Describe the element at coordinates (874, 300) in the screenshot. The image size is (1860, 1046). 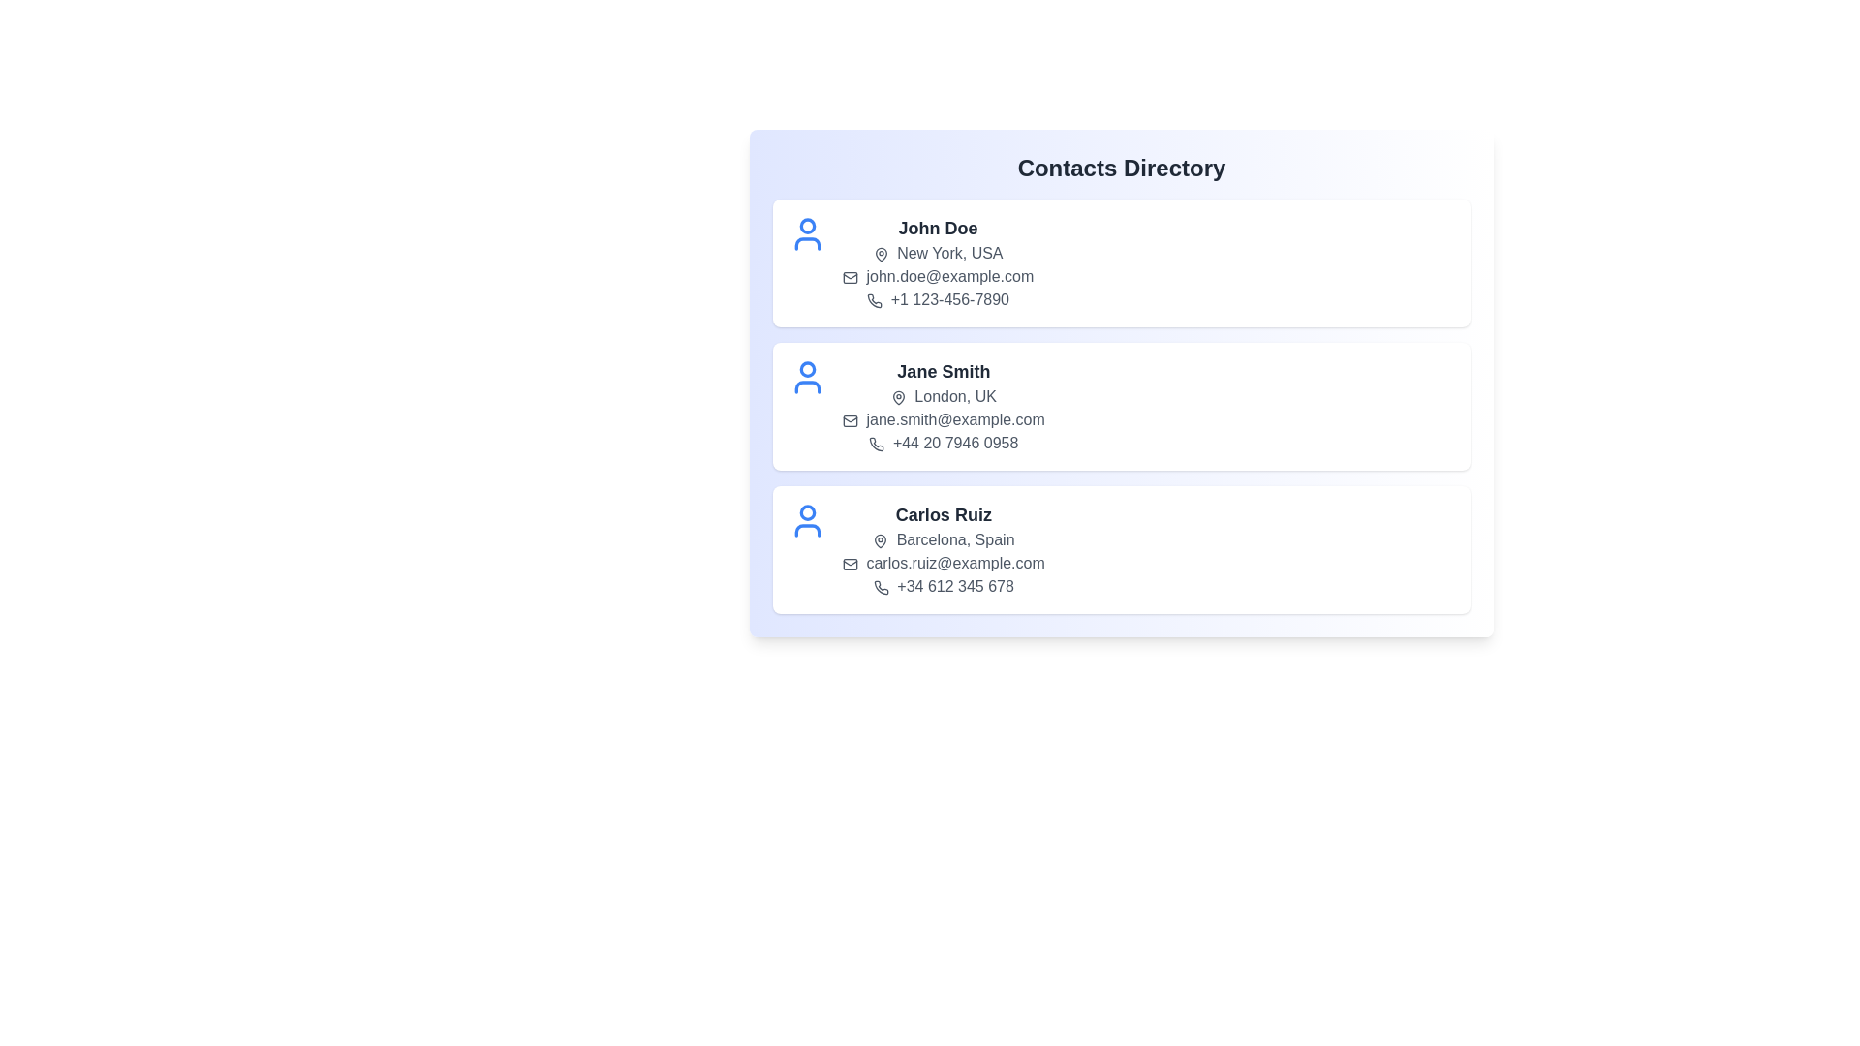
I see `the phone icon for the contact John Doe` at that location.